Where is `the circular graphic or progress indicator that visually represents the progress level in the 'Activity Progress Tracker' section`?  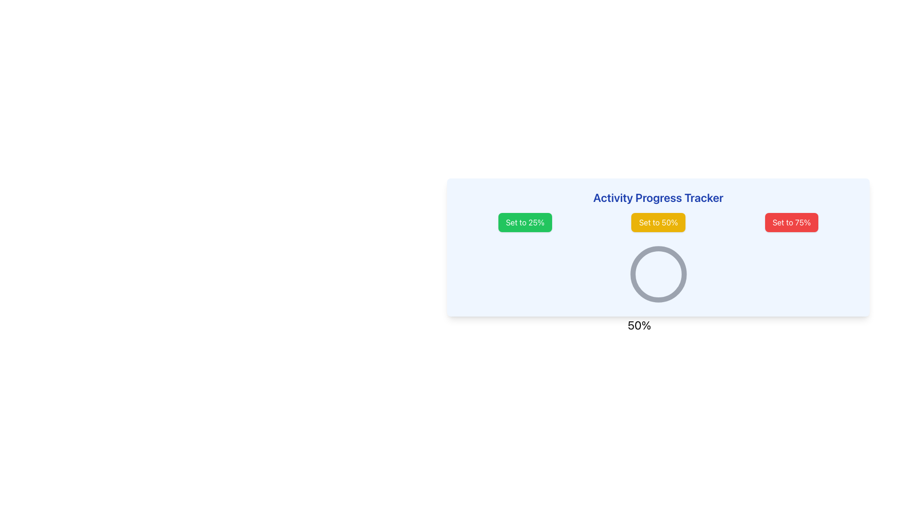 the circular graphic or progress indicator that visually represents the progress level in the 'Activity Progress Tracker' section is located at coordinates (658, 274).